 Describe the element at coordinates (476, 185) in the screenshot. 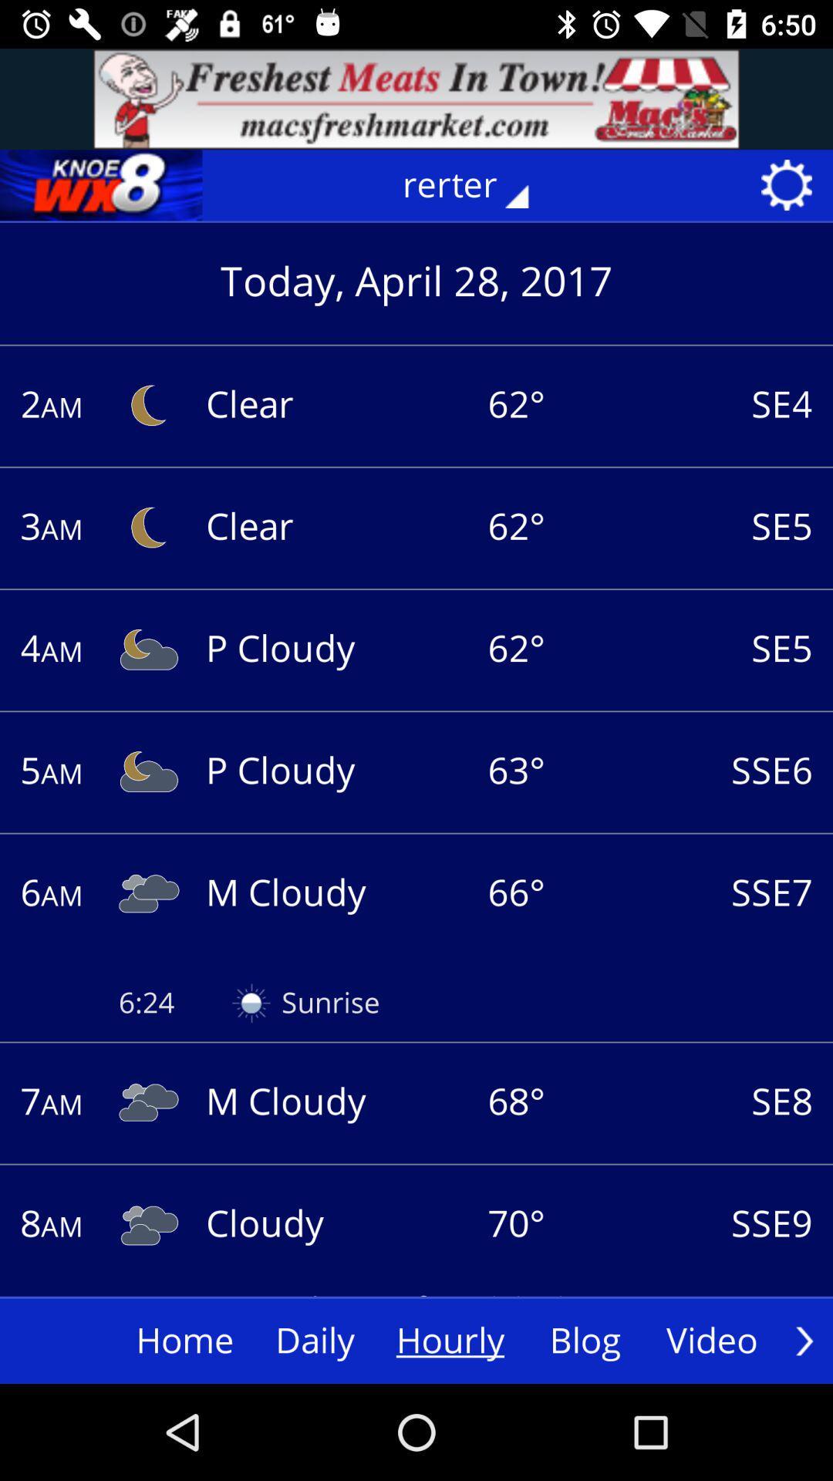

I see `rerter` at that location.